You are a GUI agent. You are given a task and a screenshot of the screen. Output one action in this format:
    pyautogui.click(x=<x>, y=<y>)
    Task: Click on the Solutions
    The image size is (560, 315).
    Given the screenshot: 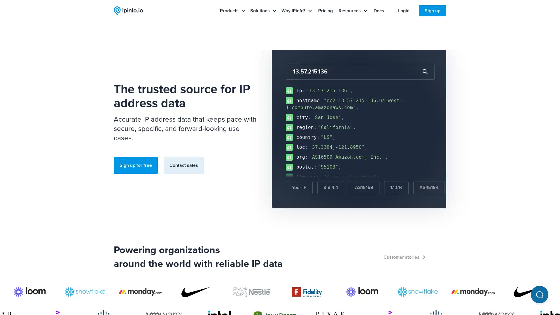 What is the action you would take?
    pyautogui.click(x=263, y=11)
    